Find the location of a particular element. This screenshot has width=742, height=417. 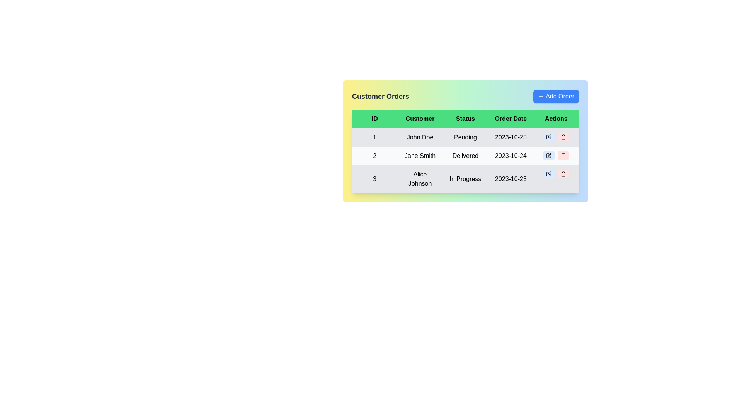

the text display element that shows 'John Doe' in the 'Customer' column of the data table is located at coordinates (420, 137).